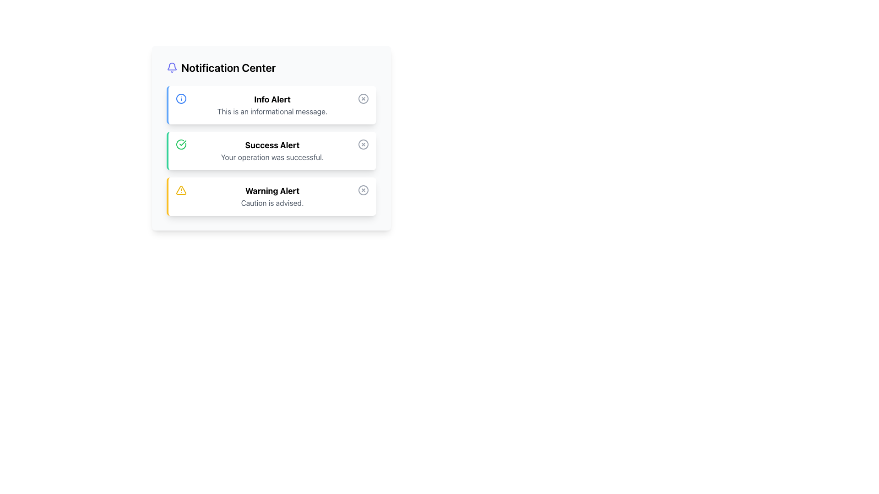  I want to click on the text element reading 'Caution is advised.' which is styled in gray and located within the 'Warning Alert' notification card, beneath the title 'Warning Alert', so click(272, 202).